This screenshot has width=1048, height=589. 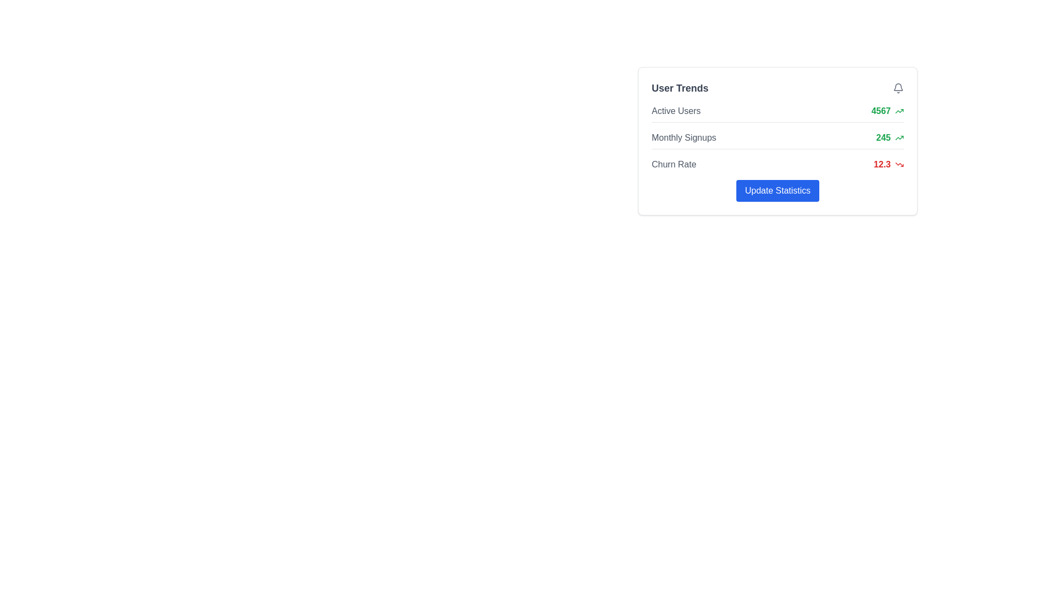 I want to click on 'Churn Rate' text label located in the 'User Trends' section, styled in gray color, to understand the labeled statistic, so click(x=673, y=164).